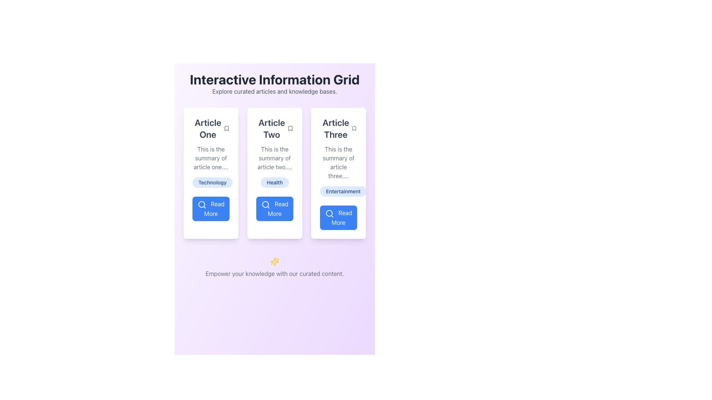 Image resolution: width=712 pixels, height=400 pixels. I want to click on the small gray bookmark icon next to the 'Article Three' text label to observe the visual change in color when hovered, so click(338, 128).